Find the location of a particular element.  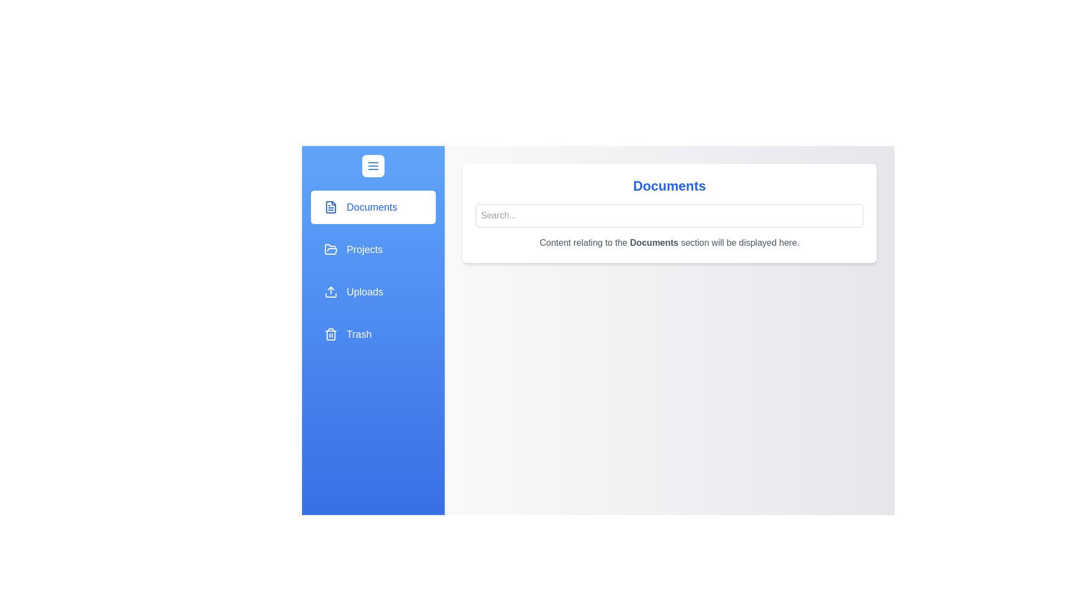

drawer toggle button to toggle the drawer open or closed is located at coordinates (373, 166).